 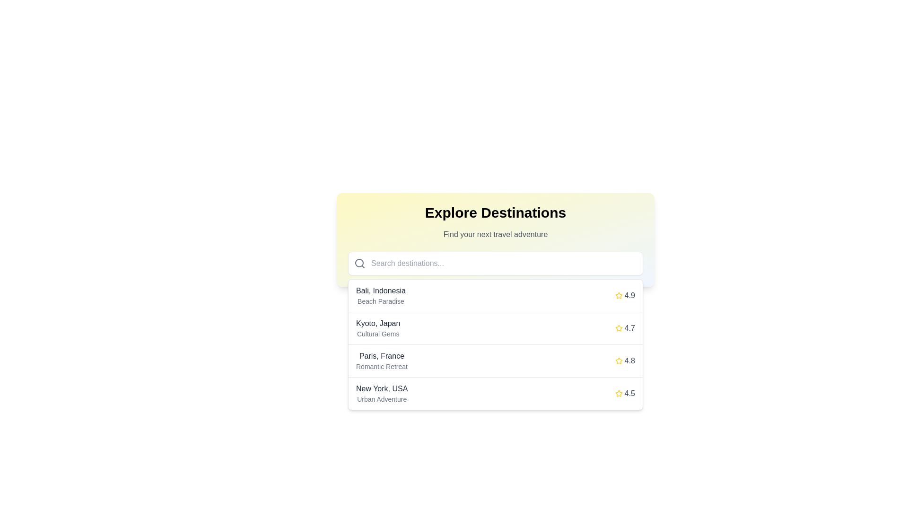 What do you see at coordinates (377, 323) in the screenshot?
I see `text content of the title label for the travel destination located in the second row, above the description 'Cultural Gems.'` at bounding box center [377, 323].